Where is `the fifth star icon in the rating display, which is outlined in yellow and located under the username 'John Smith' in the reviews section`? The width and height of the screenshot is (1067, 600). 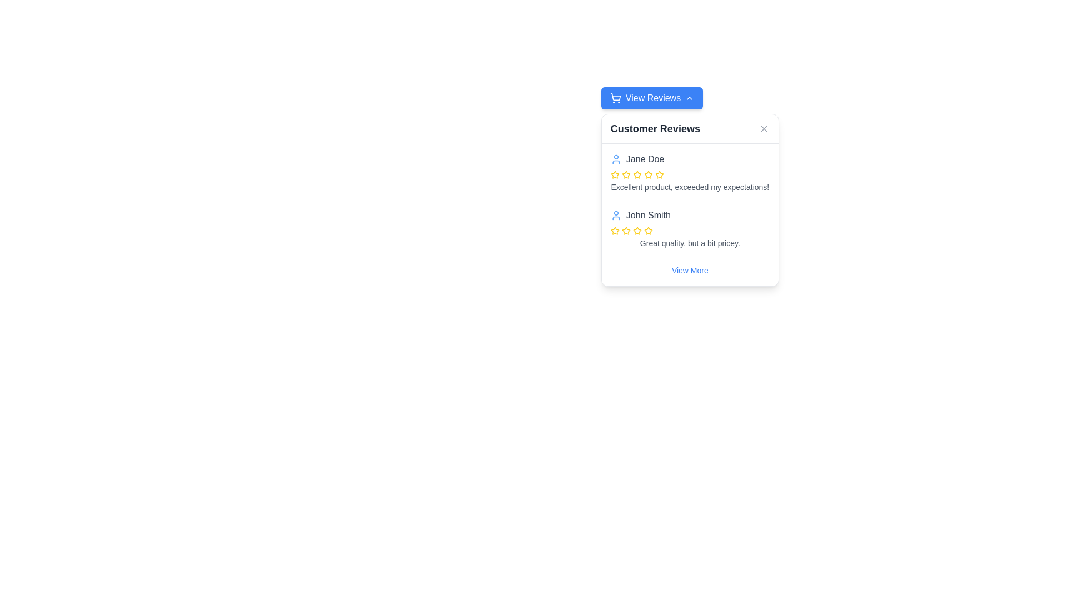
the fifth star icon in the rating display, which is outlined in yellow and located under the username 'John Smith' in the reviews section is located at coordinates (648, 231).